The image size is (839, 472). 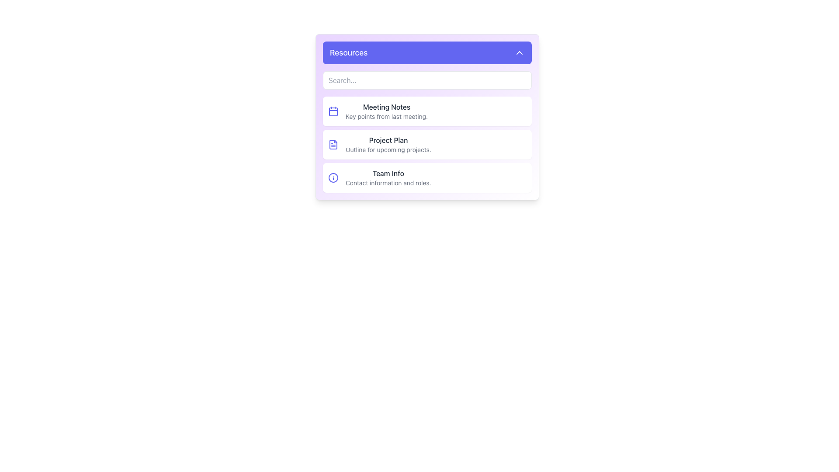 I want to click on the 'Project Plan' text label, which is the second item in the 'Resources' card, so click(x=388, y=144).